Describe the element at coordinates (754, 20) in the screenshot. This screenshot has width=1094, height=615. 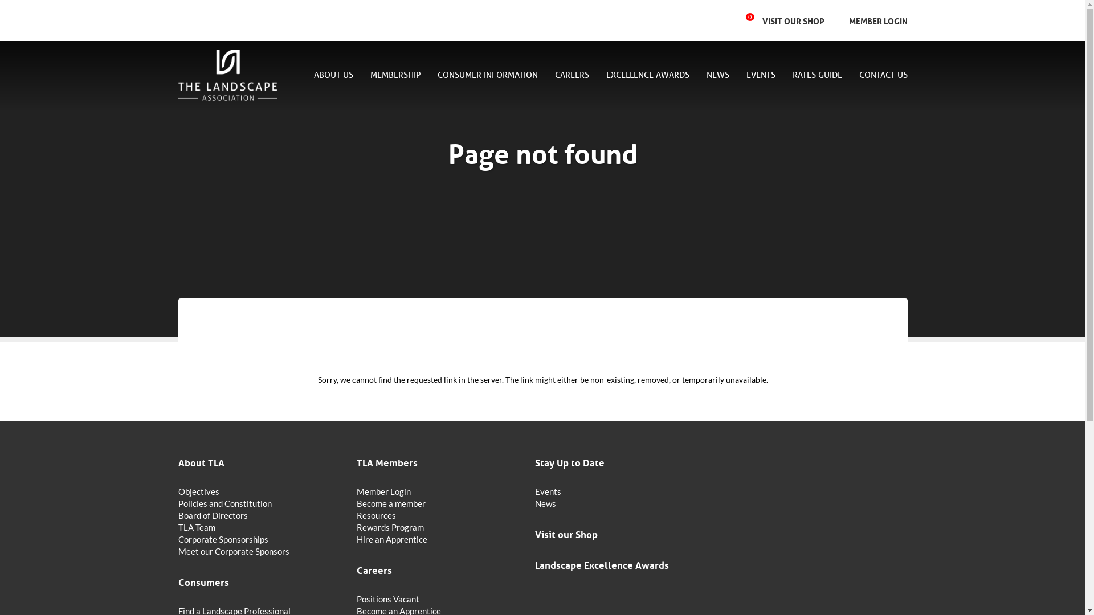
I see `'0'` at that location.